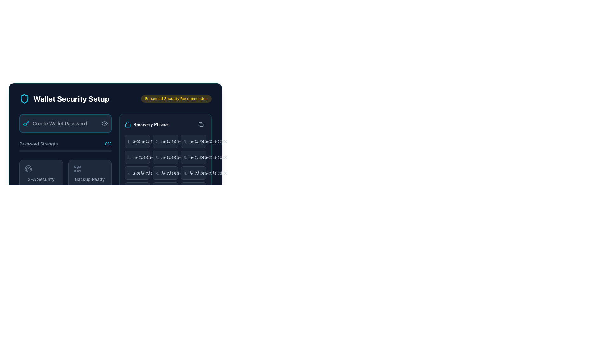 This screenshot has width=609, height=343. I want to click on the small square icon button resembling a document copy action located in the upper-right area of the 'Recovery Phrase' section, so click(200, 124).